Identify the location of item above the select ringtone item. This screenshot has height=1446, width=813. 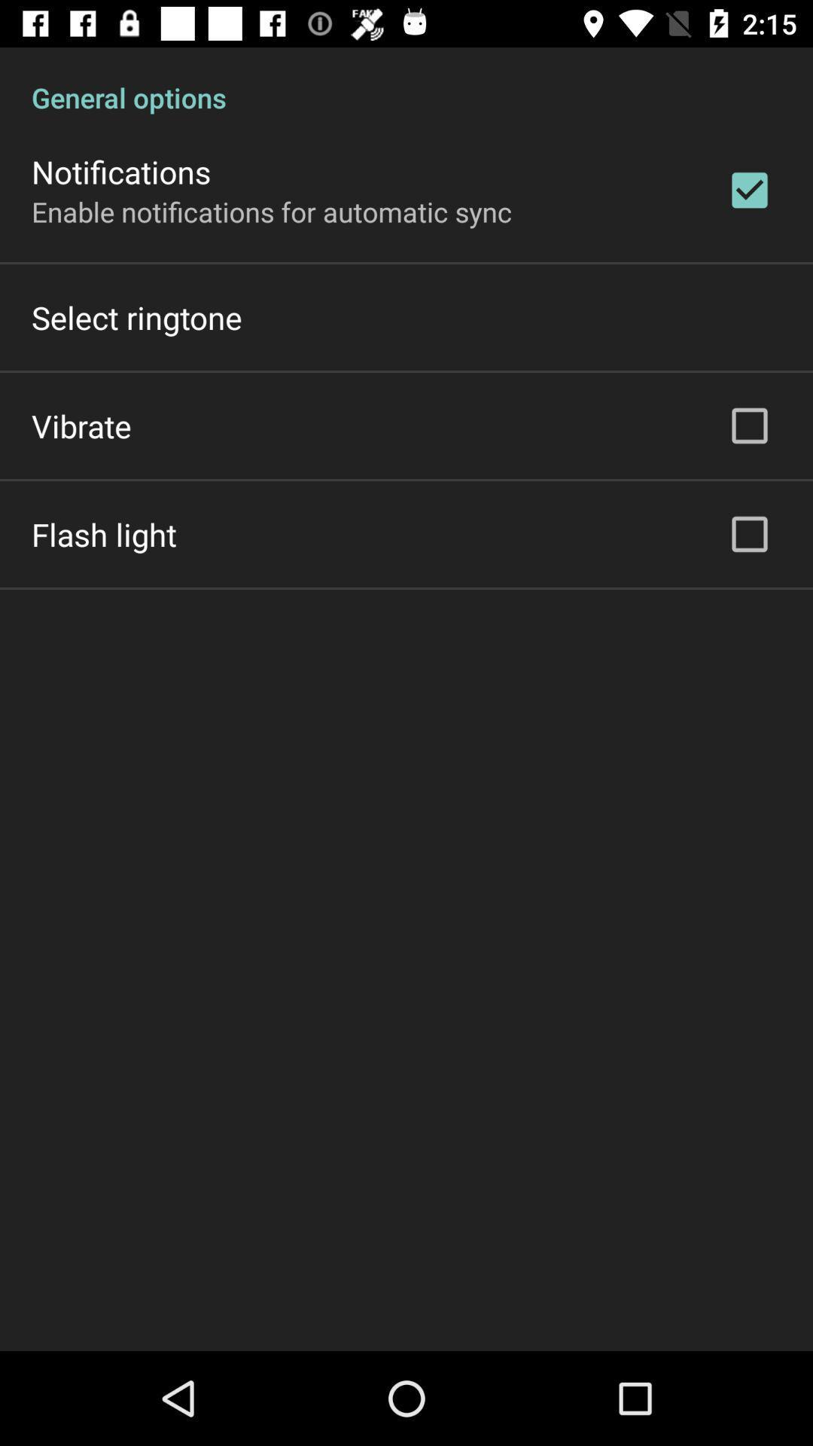
(272, 211).